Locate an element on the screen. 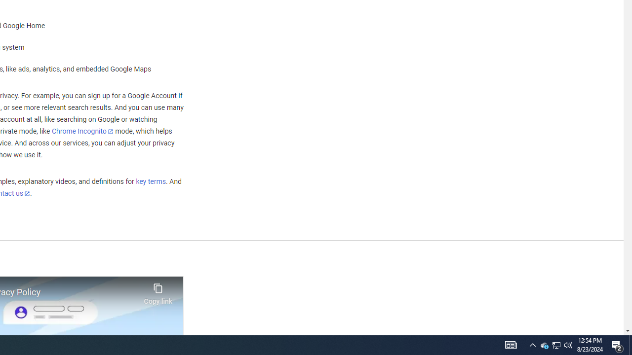 The image size is (632, 355). 'Copy link' is located at coordinates (158, 291).